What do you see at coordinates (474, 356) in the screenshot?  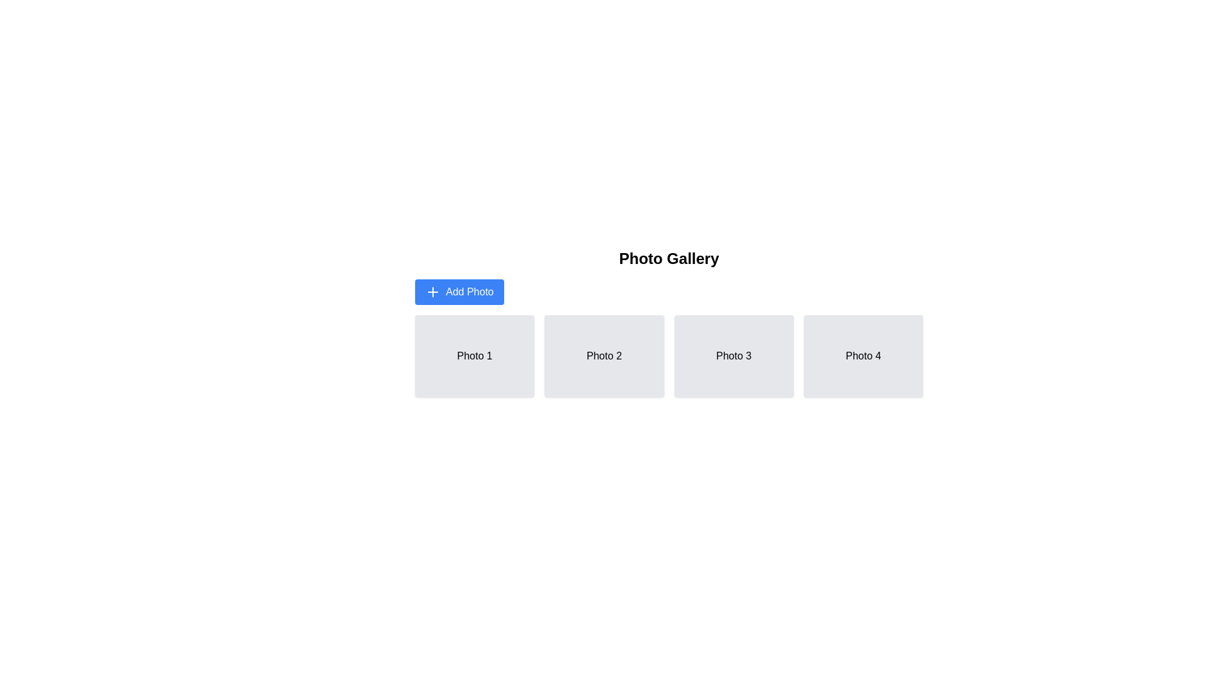 I see `the photo item in the gallery, which is the first item in a row of four, located below the 'Add Photo' button and to the left of 'Photo 2'` at bounding box center [474, 356].